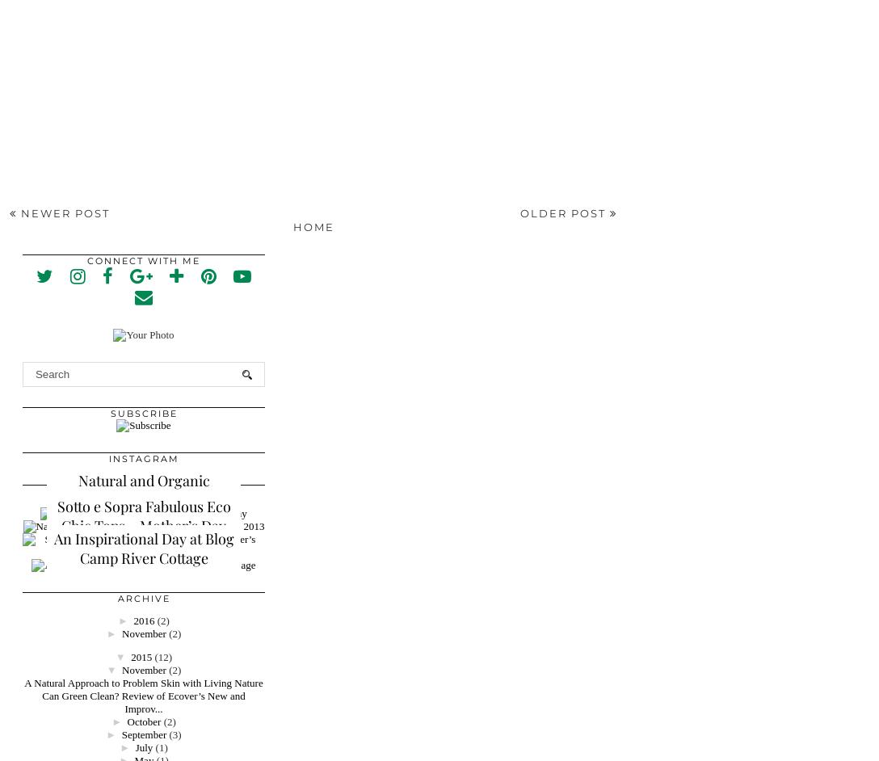 The width and height of the screenshot is (879, 761). What do you see at coordinates (142, 620) in the screenshot?
I see `'2016'` at bounding box center [142, 620].